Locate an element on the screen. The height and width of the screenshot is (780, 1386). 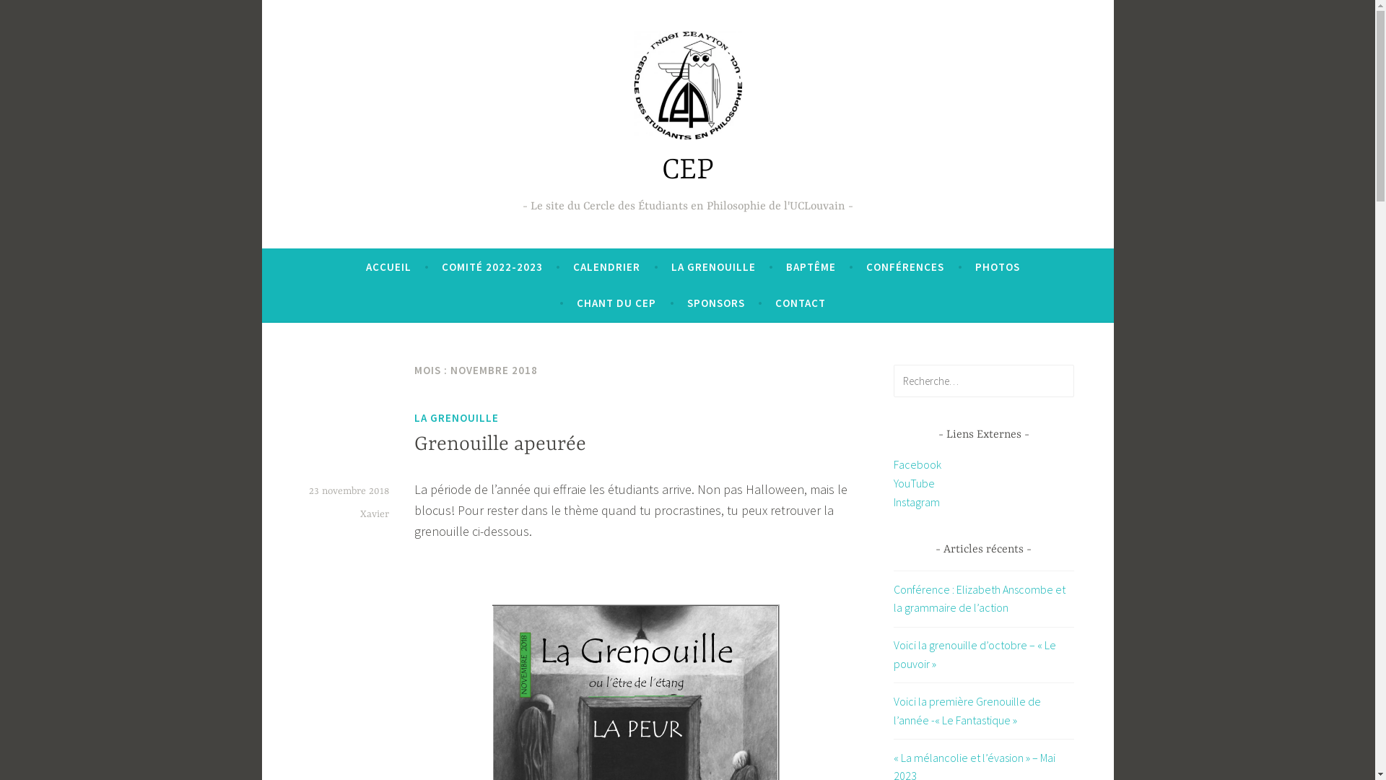
'CONTACT' is located at coordinates (775, 303).